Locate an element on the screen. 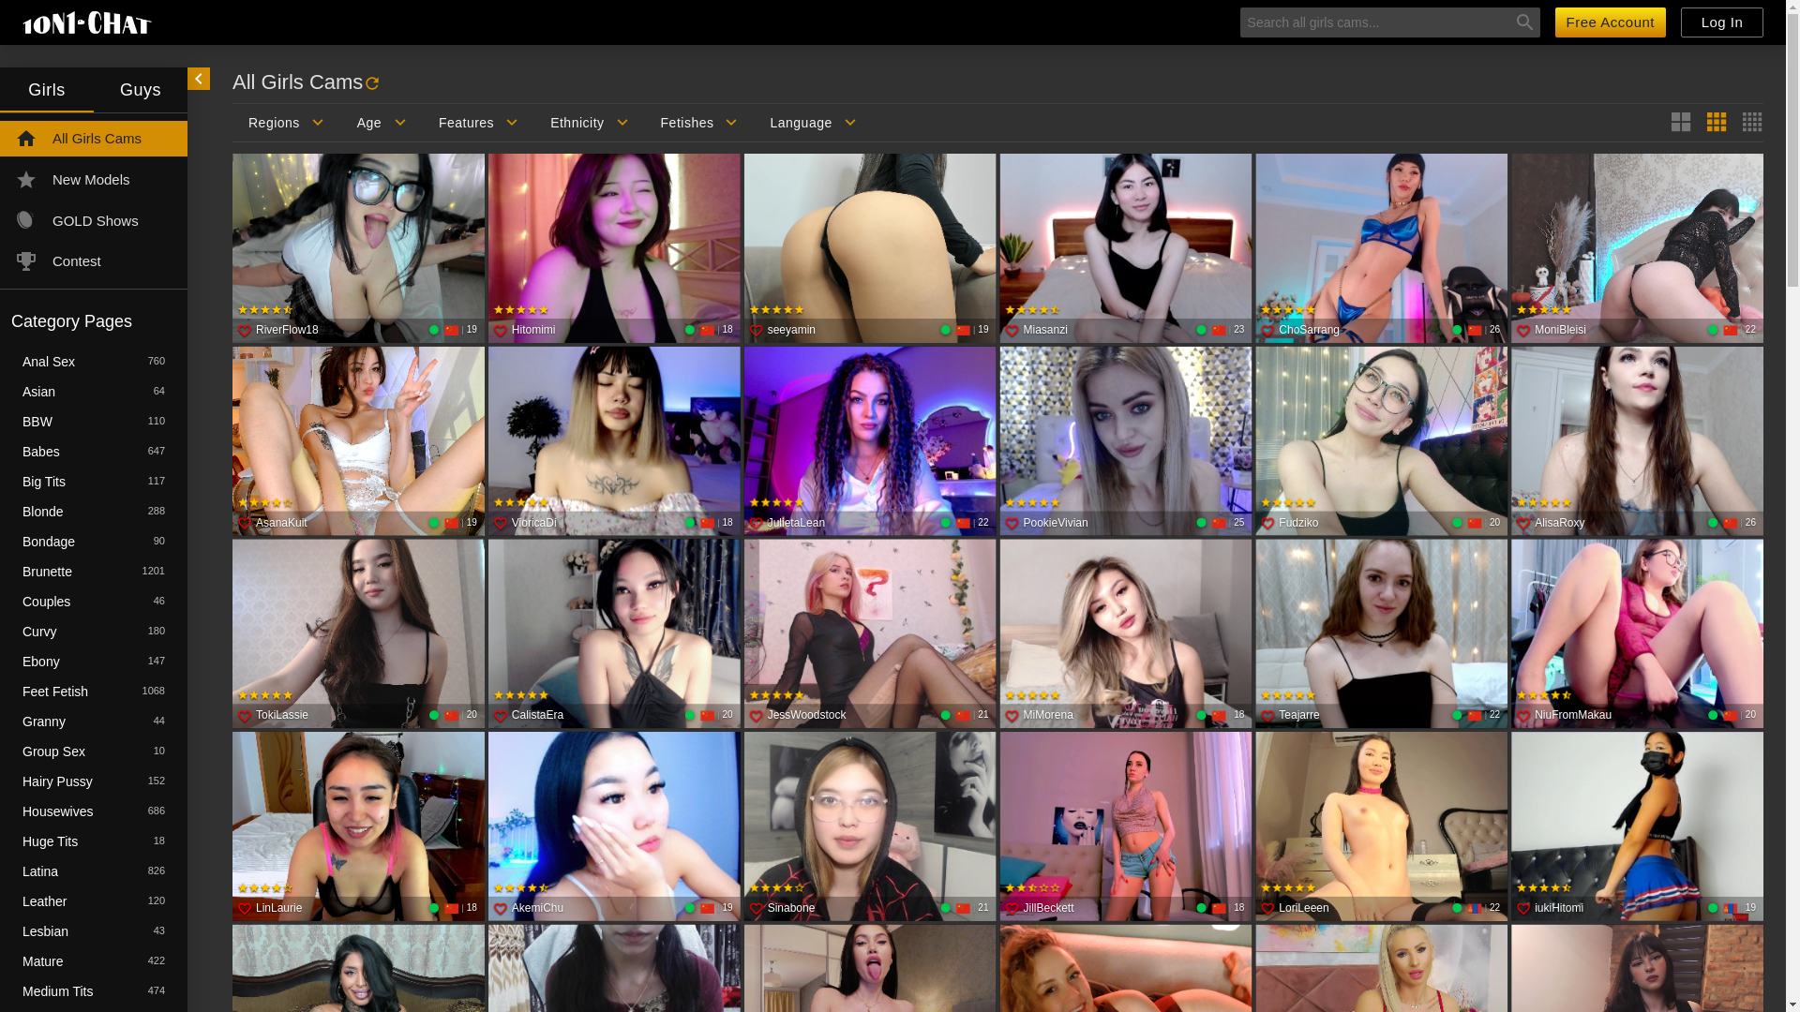 This screenshot has width=1800, height=1012. 'MiMorena is located at coordinates (1125, 633).